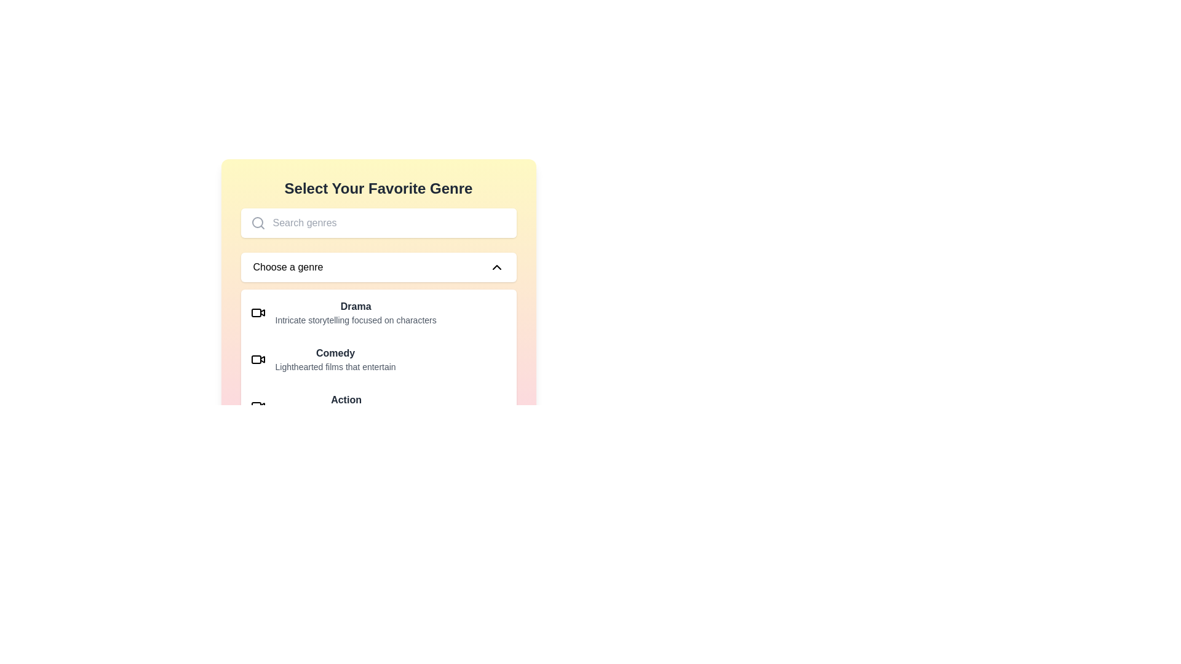 This screenshot has height=664, width=1181. I want to click on the 'Action' genre element, which is the third entry in a vertical list of genres, so click(346, 406).